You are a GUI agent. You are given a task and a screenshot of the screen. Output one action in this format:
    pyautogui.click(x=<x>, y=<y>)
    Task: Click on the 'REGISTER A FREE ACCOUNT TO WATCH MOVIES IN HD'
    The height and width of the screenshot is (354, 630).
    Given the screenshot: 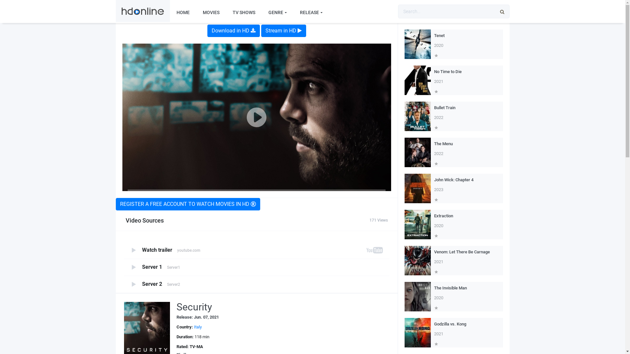 What is the action you would take?
    pyautogui.click(x=187, y=204)
    